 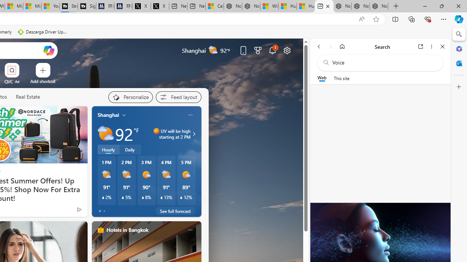 I want to click on 'Microsoft 365', so click(x=459, y=48).